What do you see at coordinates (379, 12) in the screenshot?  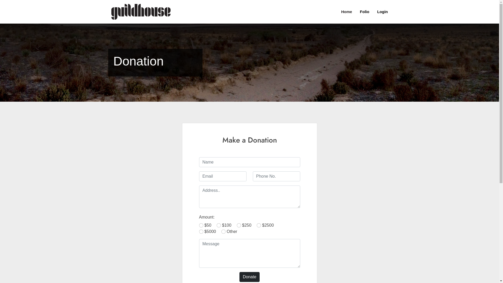 I see `'Login'` at bounding box center [379, 12].